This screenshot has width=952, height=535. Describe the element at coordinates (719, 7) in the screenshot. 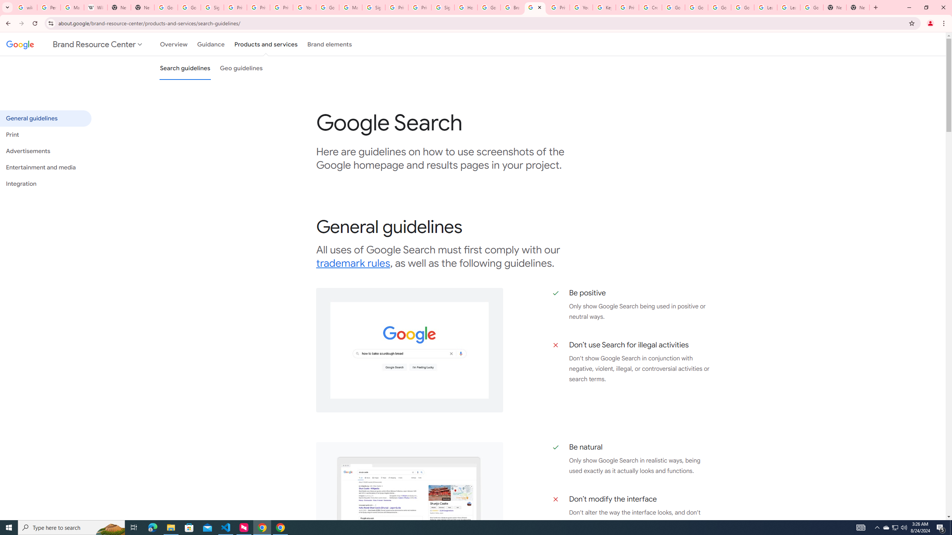

I see `'Google Account Help'` at that location.